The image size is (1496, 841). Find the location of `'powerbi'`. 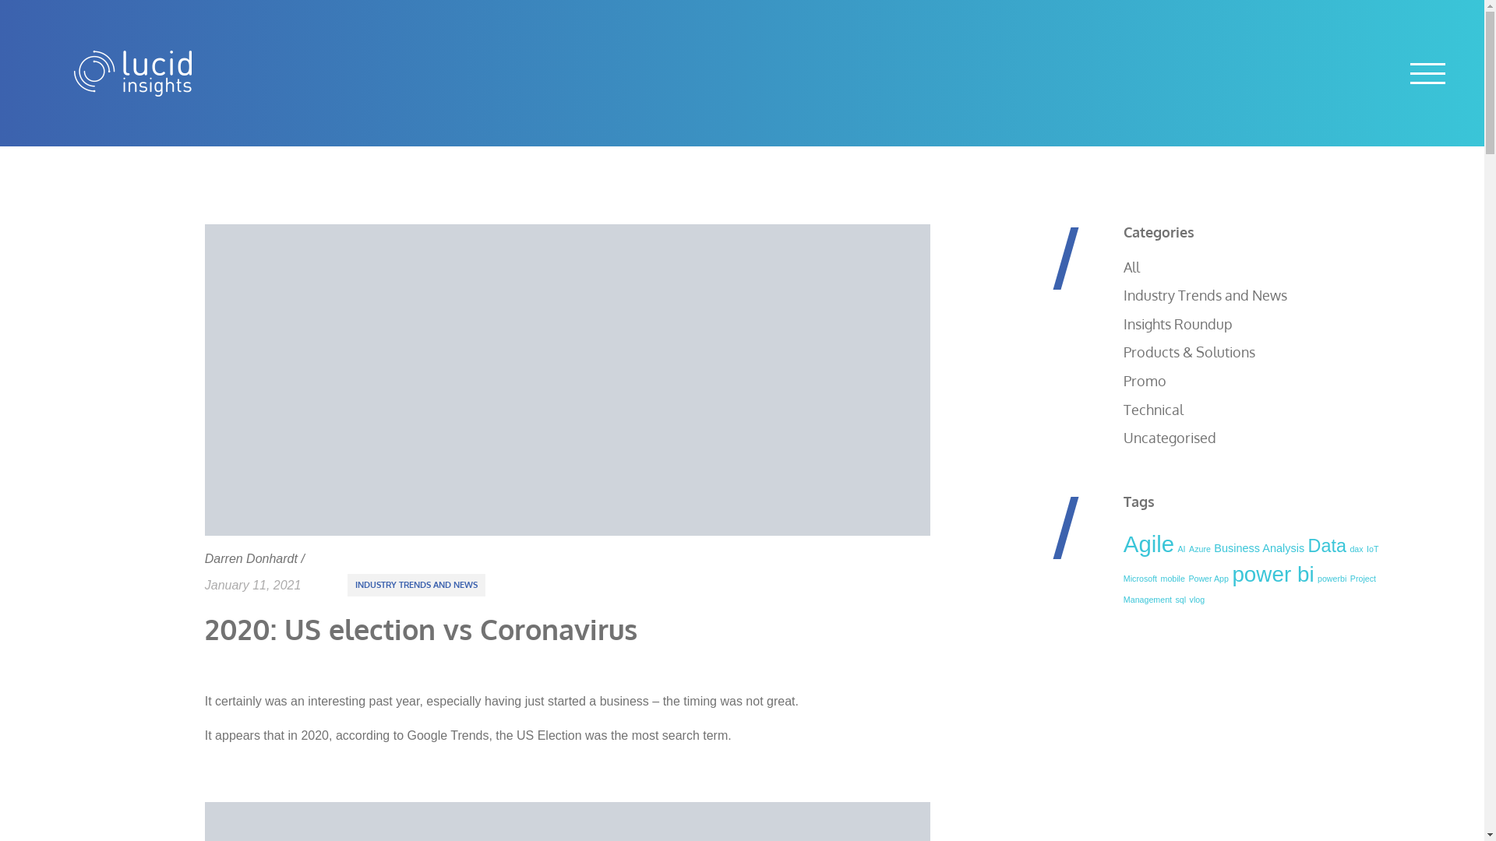

'powerbi' is located at coordinates (1331, 579).